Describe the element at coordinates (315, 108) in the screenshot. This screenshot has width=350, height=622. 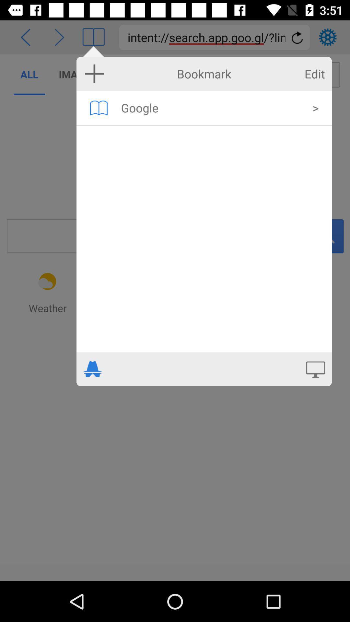
I see `the >` at that location.